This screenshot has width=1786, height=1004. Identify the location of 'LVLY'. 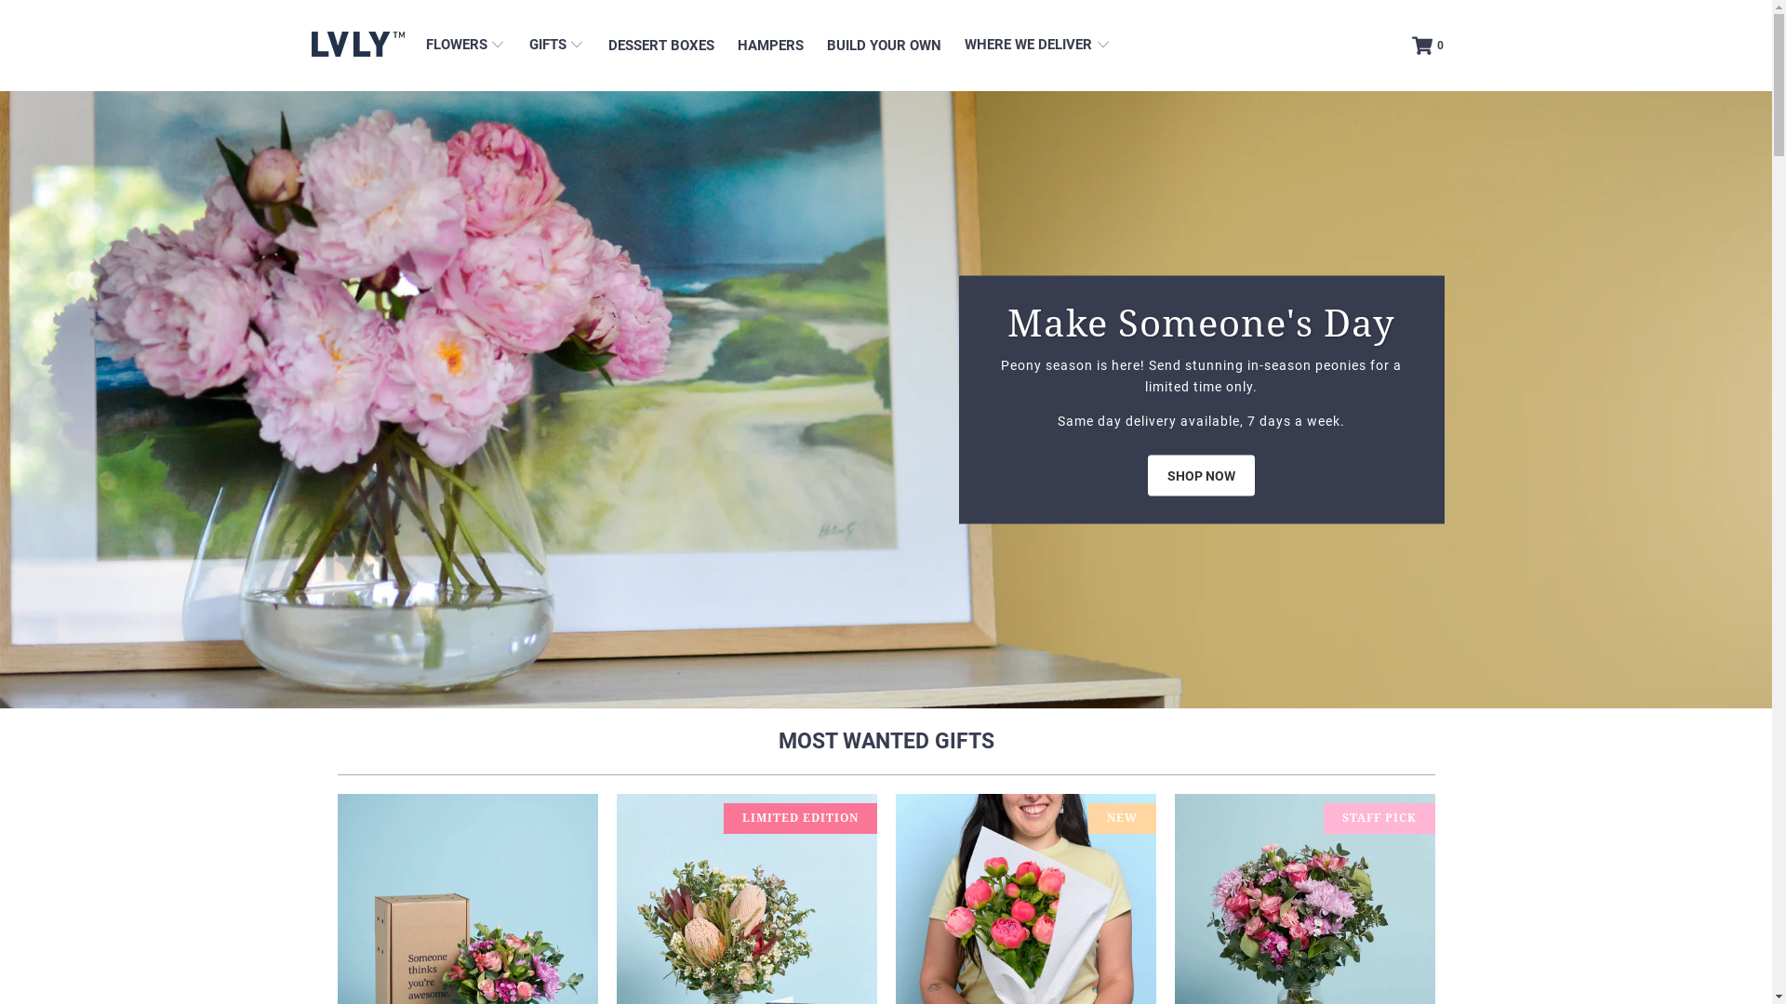
(357, 45).